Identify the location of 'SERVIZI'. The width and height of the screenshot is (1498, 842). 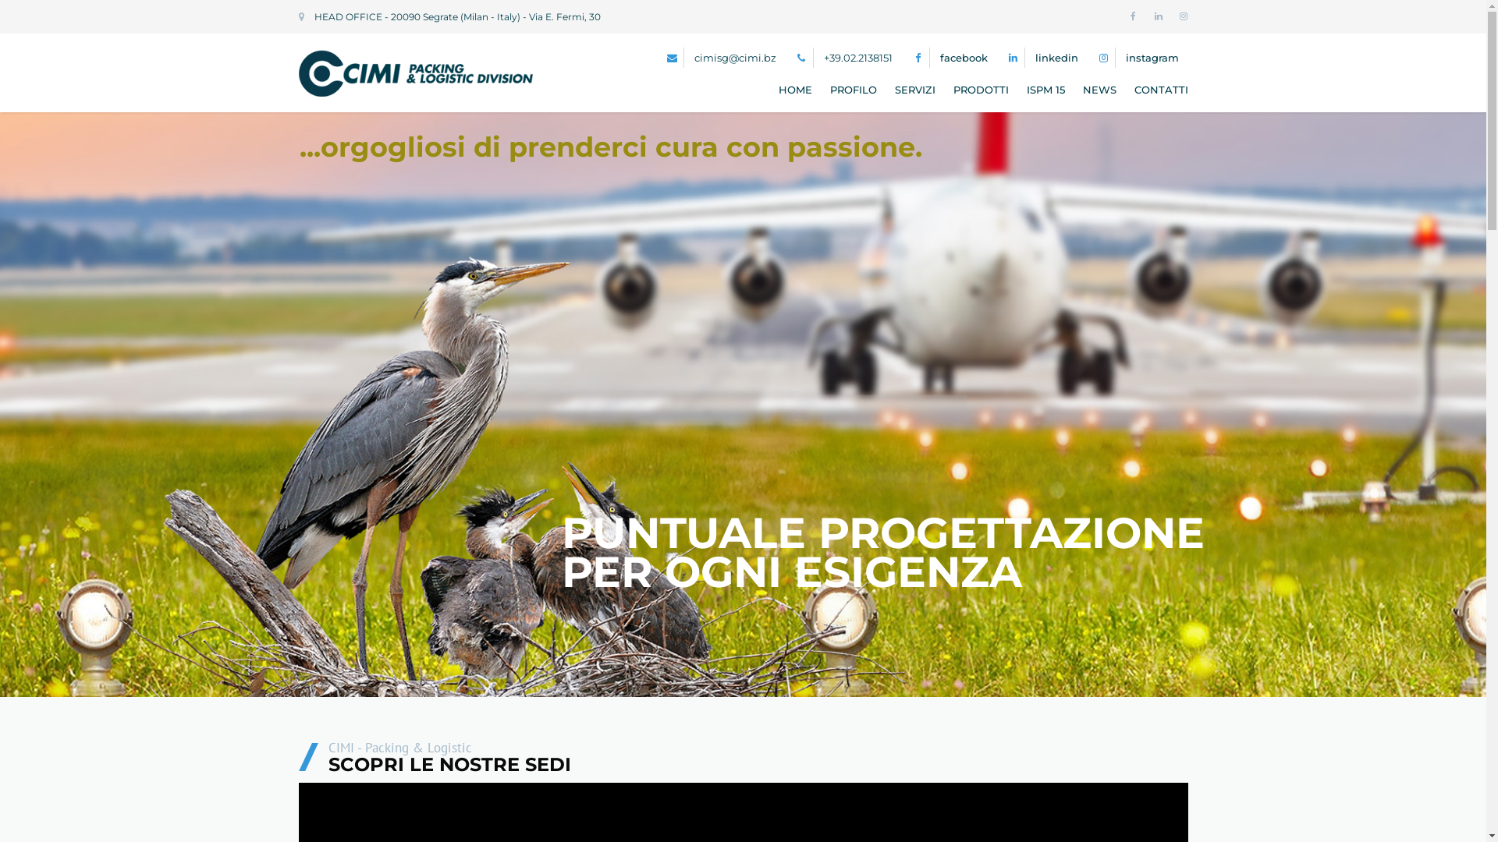
(914, 90).